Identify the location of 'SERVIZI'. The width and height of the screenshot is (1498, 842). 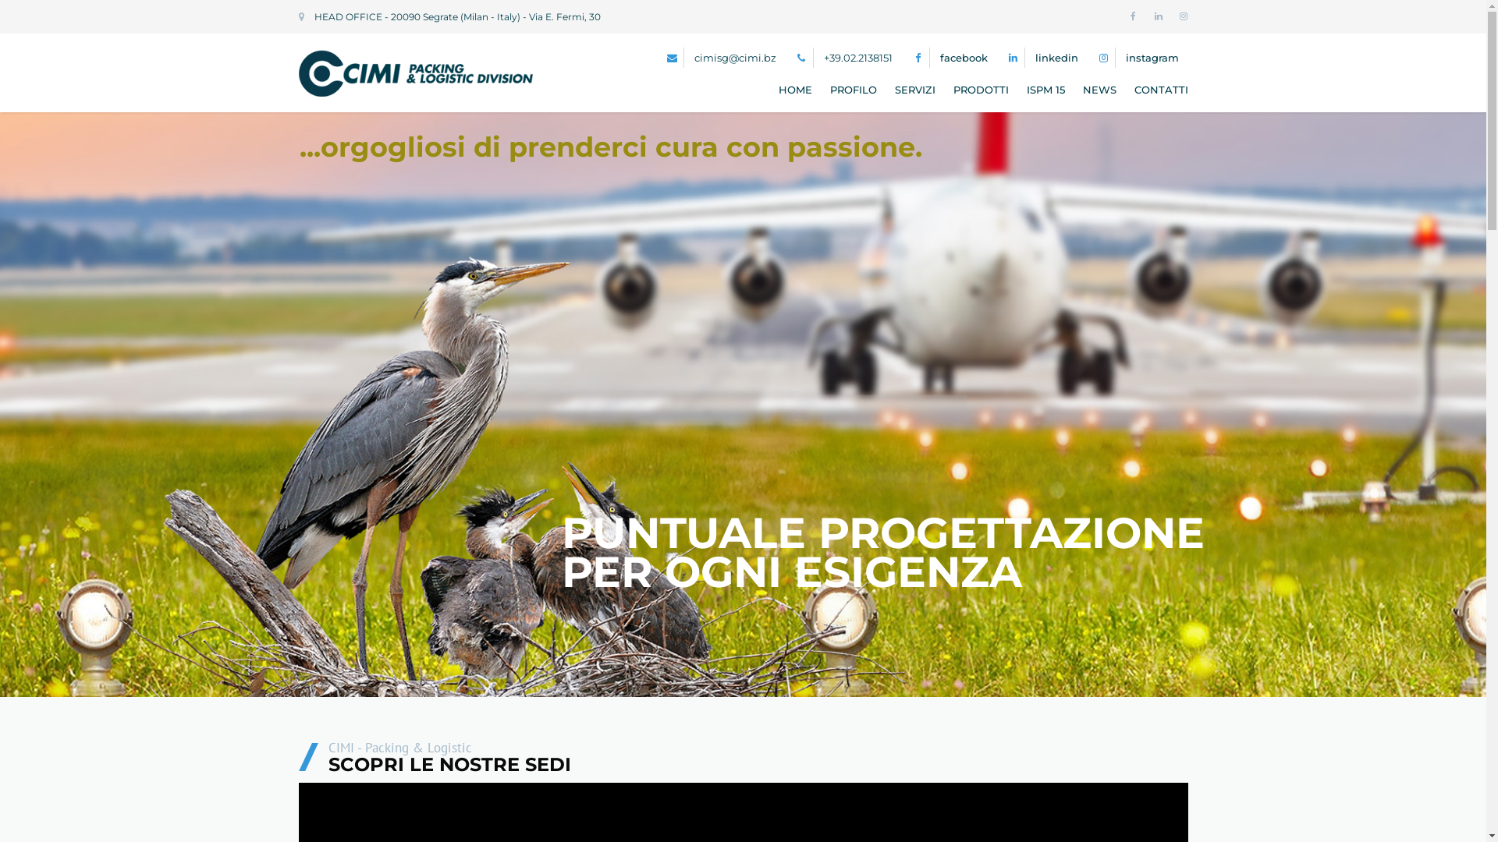
(914, 90).